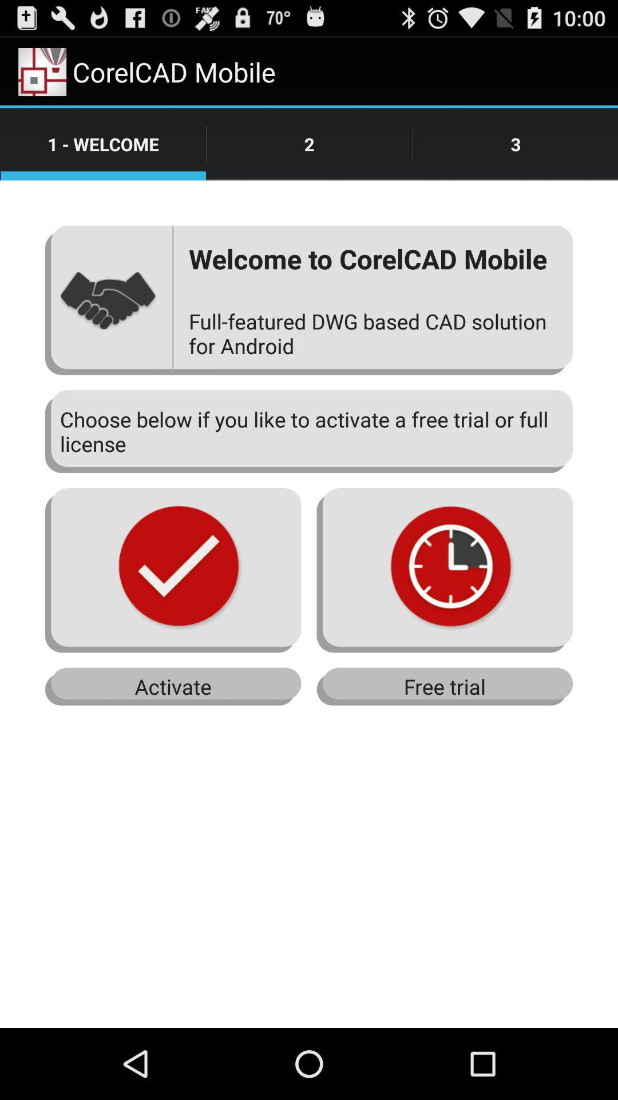 The image size is (618, 1100). I want to click on the image below free trail, so click(444, 570).